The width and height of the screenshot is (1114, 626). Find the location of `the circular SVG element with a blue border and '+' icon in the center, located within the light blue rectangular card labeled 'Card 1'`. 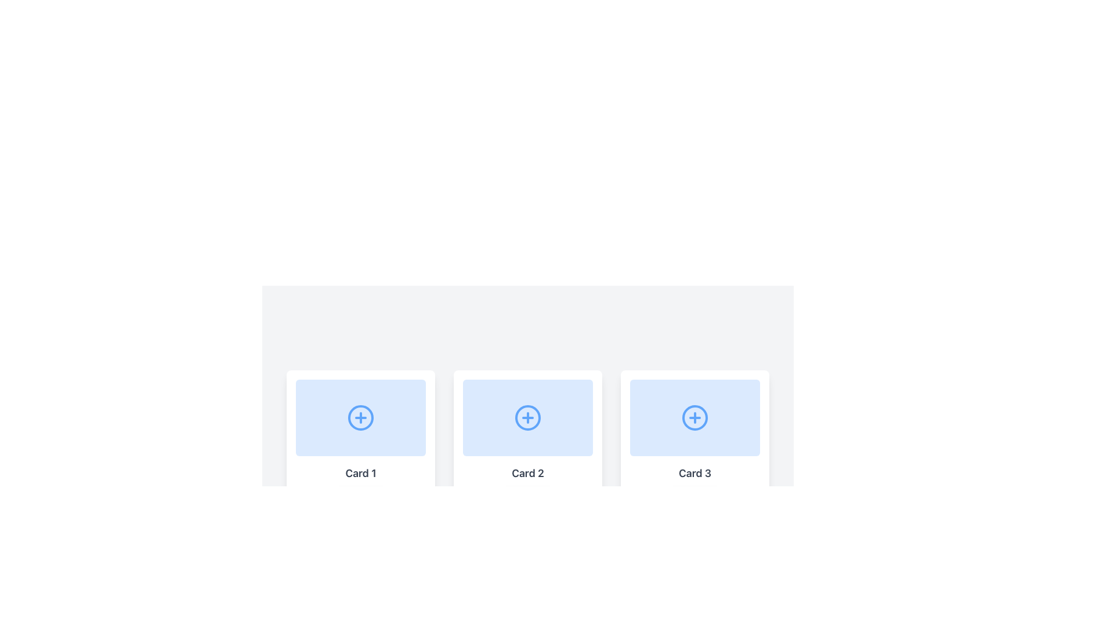

the circular SVG element with a blue border and '+' icon in the center, located within the light blue rectangular card labeled 'Card 1' is located at coordinates (360, 418).